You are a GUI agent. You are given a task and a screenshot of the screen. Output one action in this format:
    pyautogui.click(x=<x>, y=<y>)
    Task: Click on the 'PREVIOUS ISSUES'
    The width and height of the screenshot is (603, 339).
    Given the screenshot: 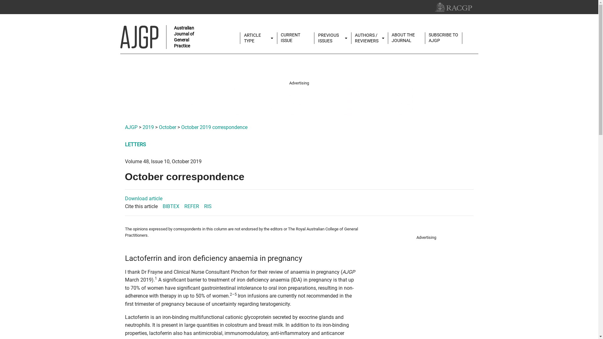 What is the action you would take?
    pyautogui.click(x=332, y=38)
    